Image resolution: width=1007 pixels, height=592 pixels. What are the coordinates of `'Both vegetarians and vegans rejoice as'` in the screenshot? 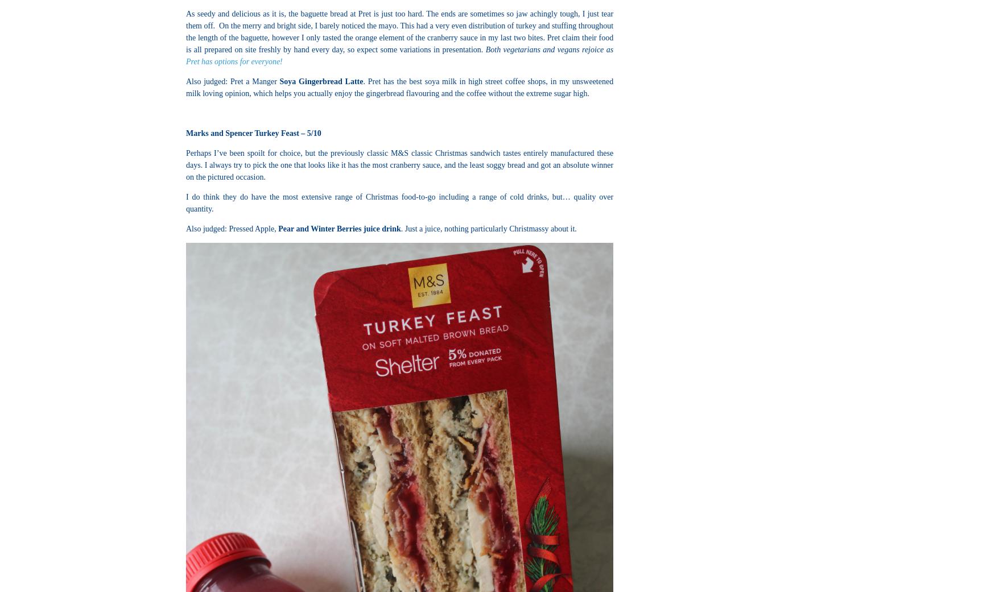 It's located at (485, 49).